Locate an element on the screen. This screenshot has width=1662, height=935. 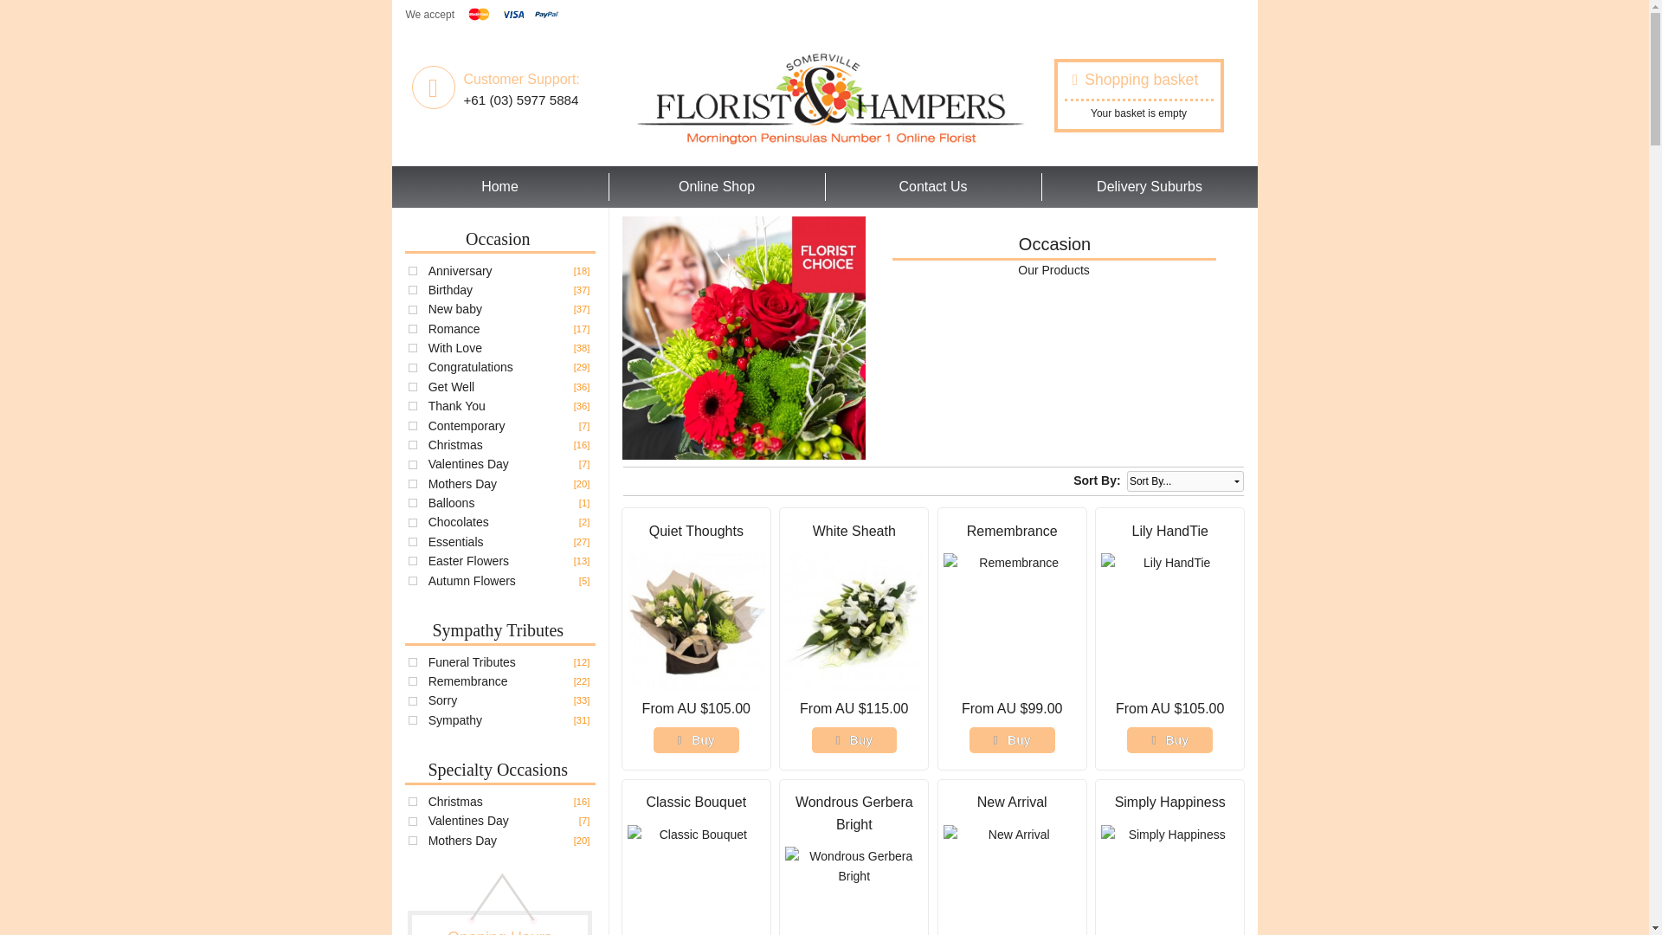
'Contact Us' is located at coordinates (932, 187).